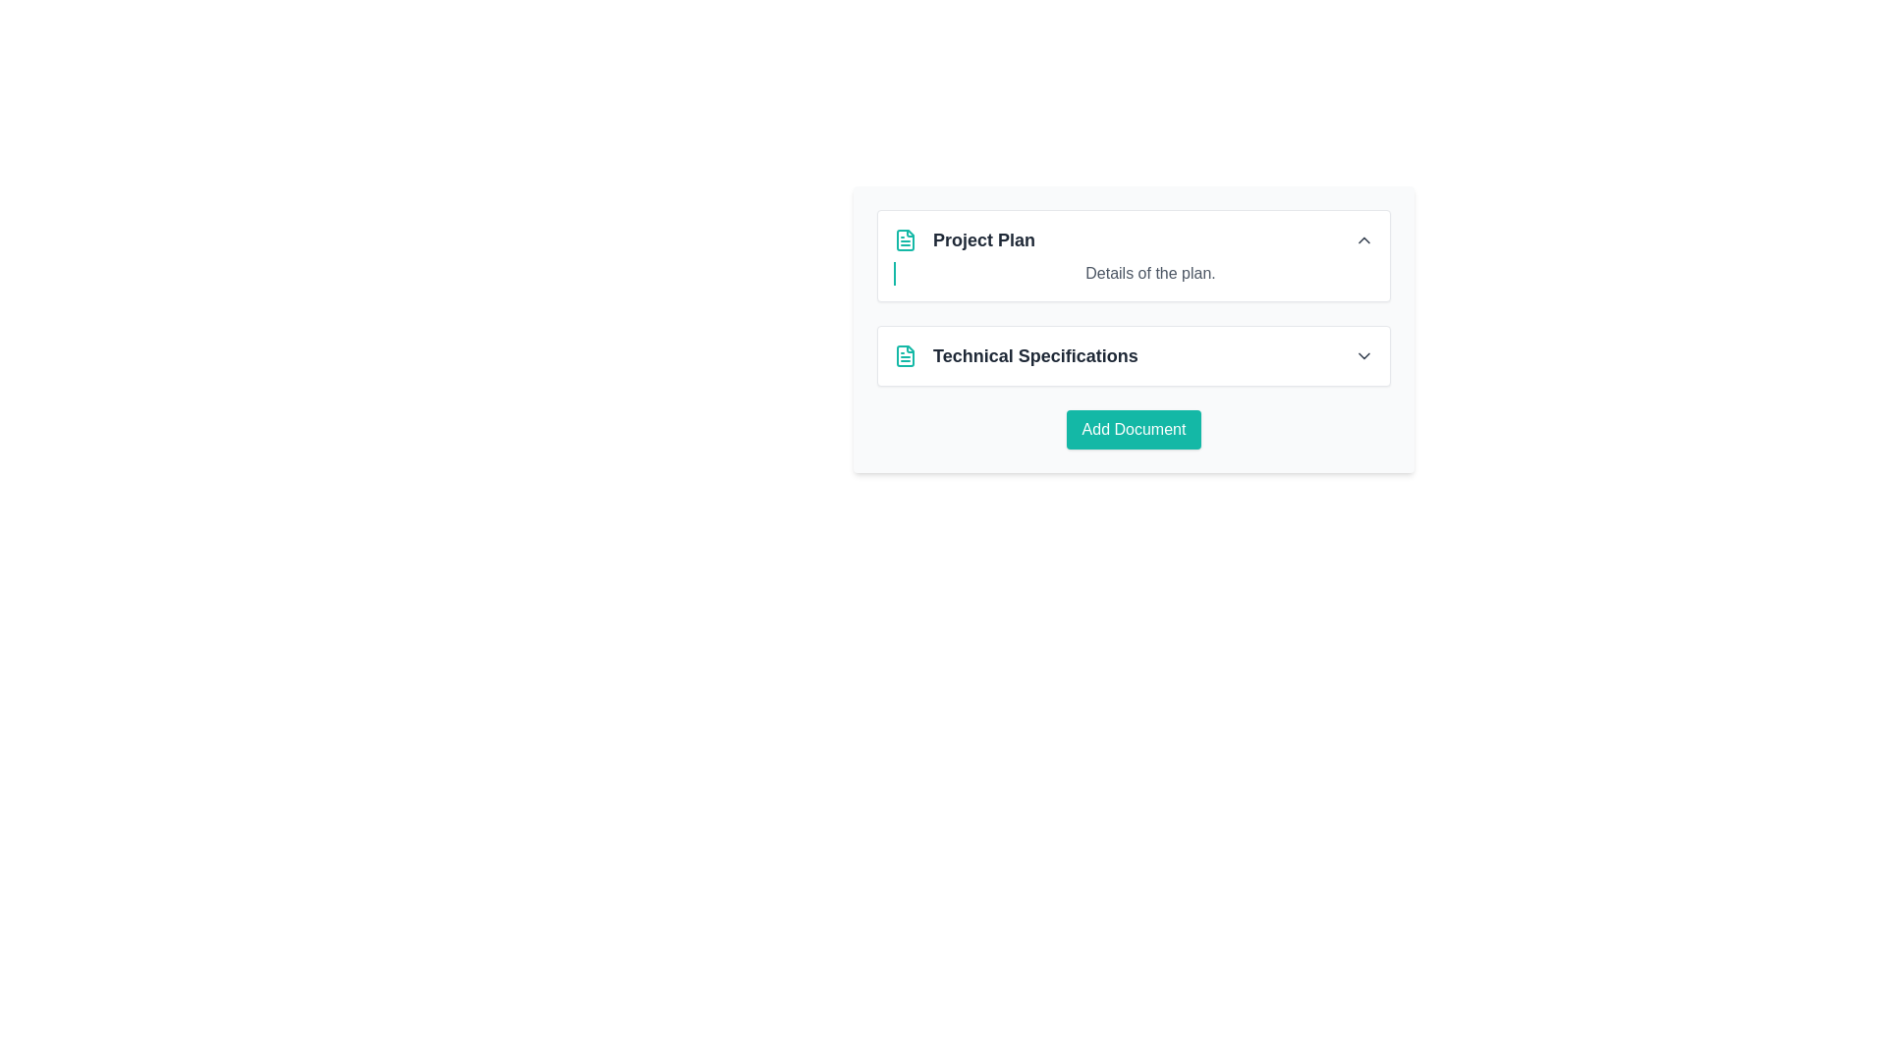  What do you see at coordinates (904, 355) in the screenshot?
I see `the teal file-shaped icon in the second row of the list, which is to the left of the text 'Technical Specifications'` at bounding box center [904, 355].